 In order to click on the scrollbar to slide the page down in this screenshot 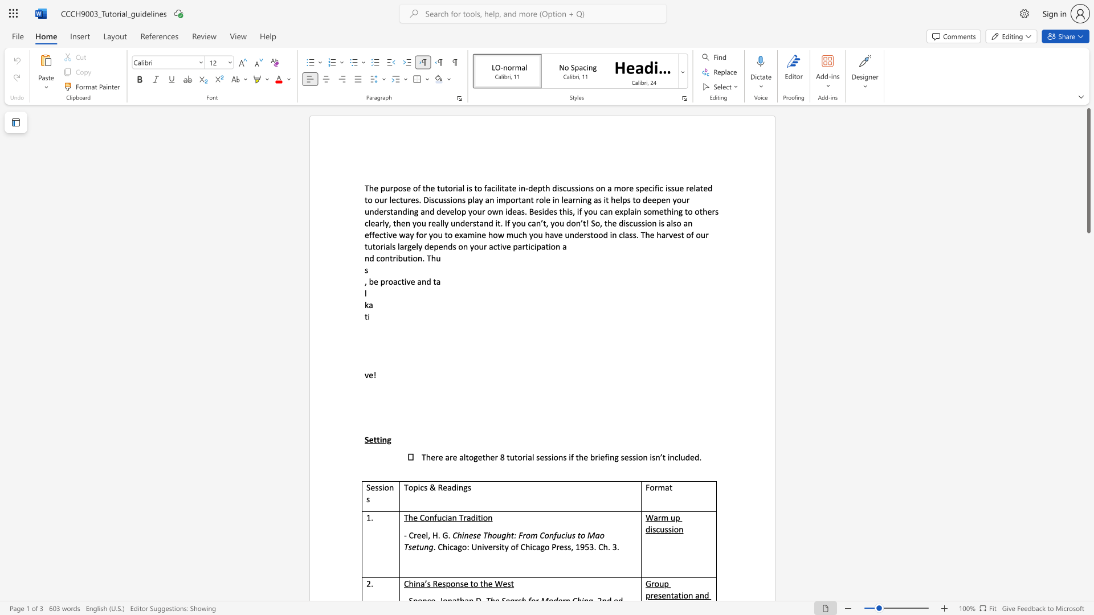, I will do `click(1088, 346)`.